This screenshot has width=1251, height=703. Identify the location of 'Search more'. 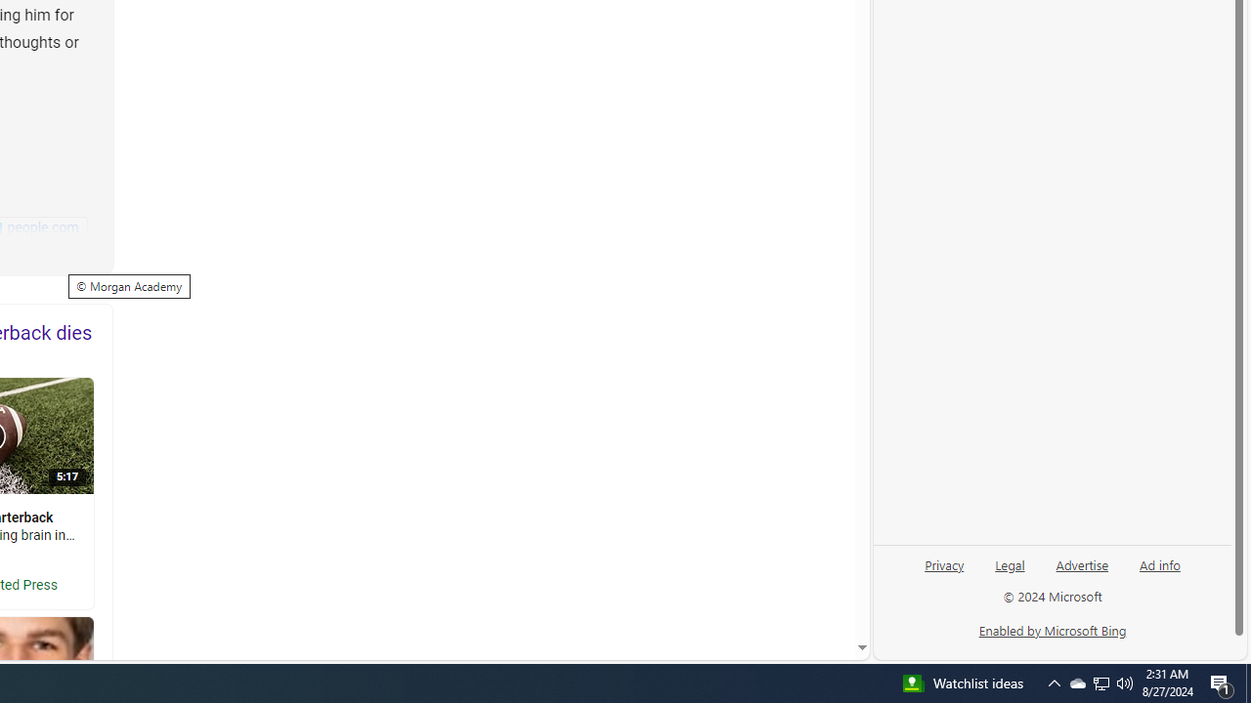
(818, 589).